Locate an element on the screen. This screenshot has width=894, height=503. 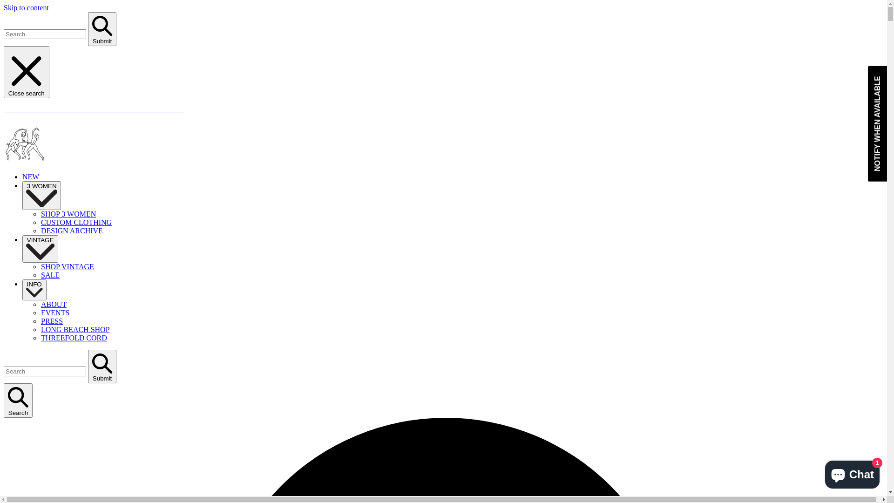
'ABOUT' is located at coordinates (53, 304).